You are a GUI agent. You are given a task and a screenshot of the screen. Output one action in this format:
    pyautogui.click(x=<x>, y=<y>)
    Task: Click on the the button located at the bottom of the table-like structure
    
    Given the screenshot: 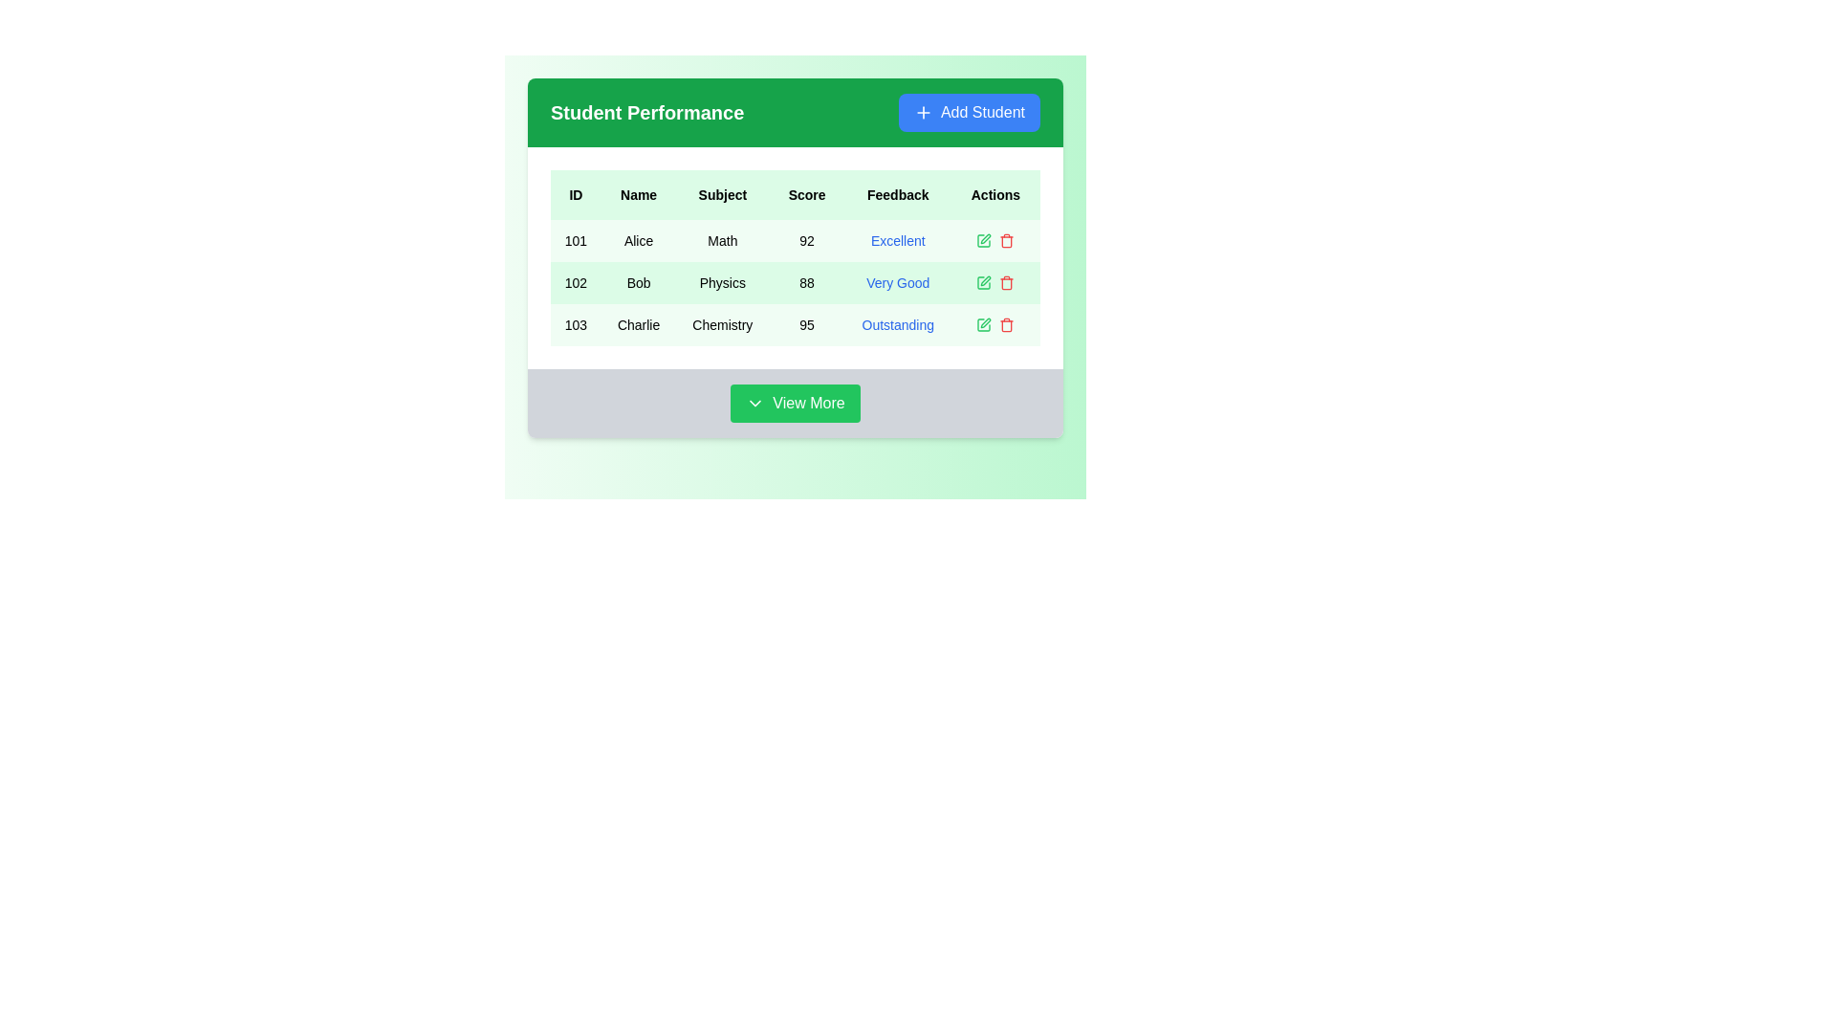 What is the action you would take?
    pyautogui.click(x=795, y=402)
    